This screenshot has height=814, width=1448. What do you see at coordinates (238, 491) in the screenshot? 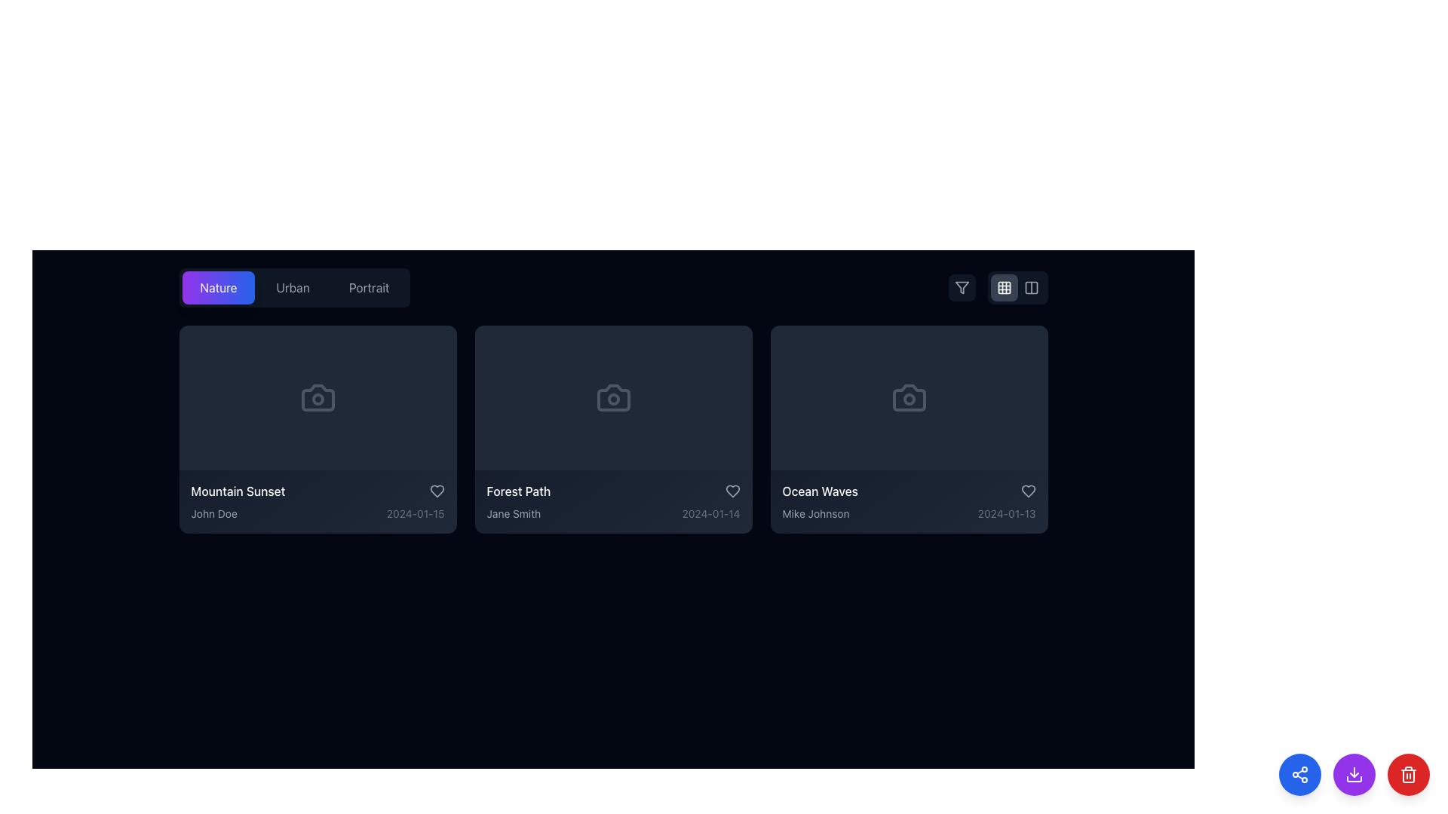
I see `the 'Mountain Sunset' text label, which is the title of a displayed item located at the left-bottom side of the card component, above a small label with a name and date` at bounding box center [238, 491].